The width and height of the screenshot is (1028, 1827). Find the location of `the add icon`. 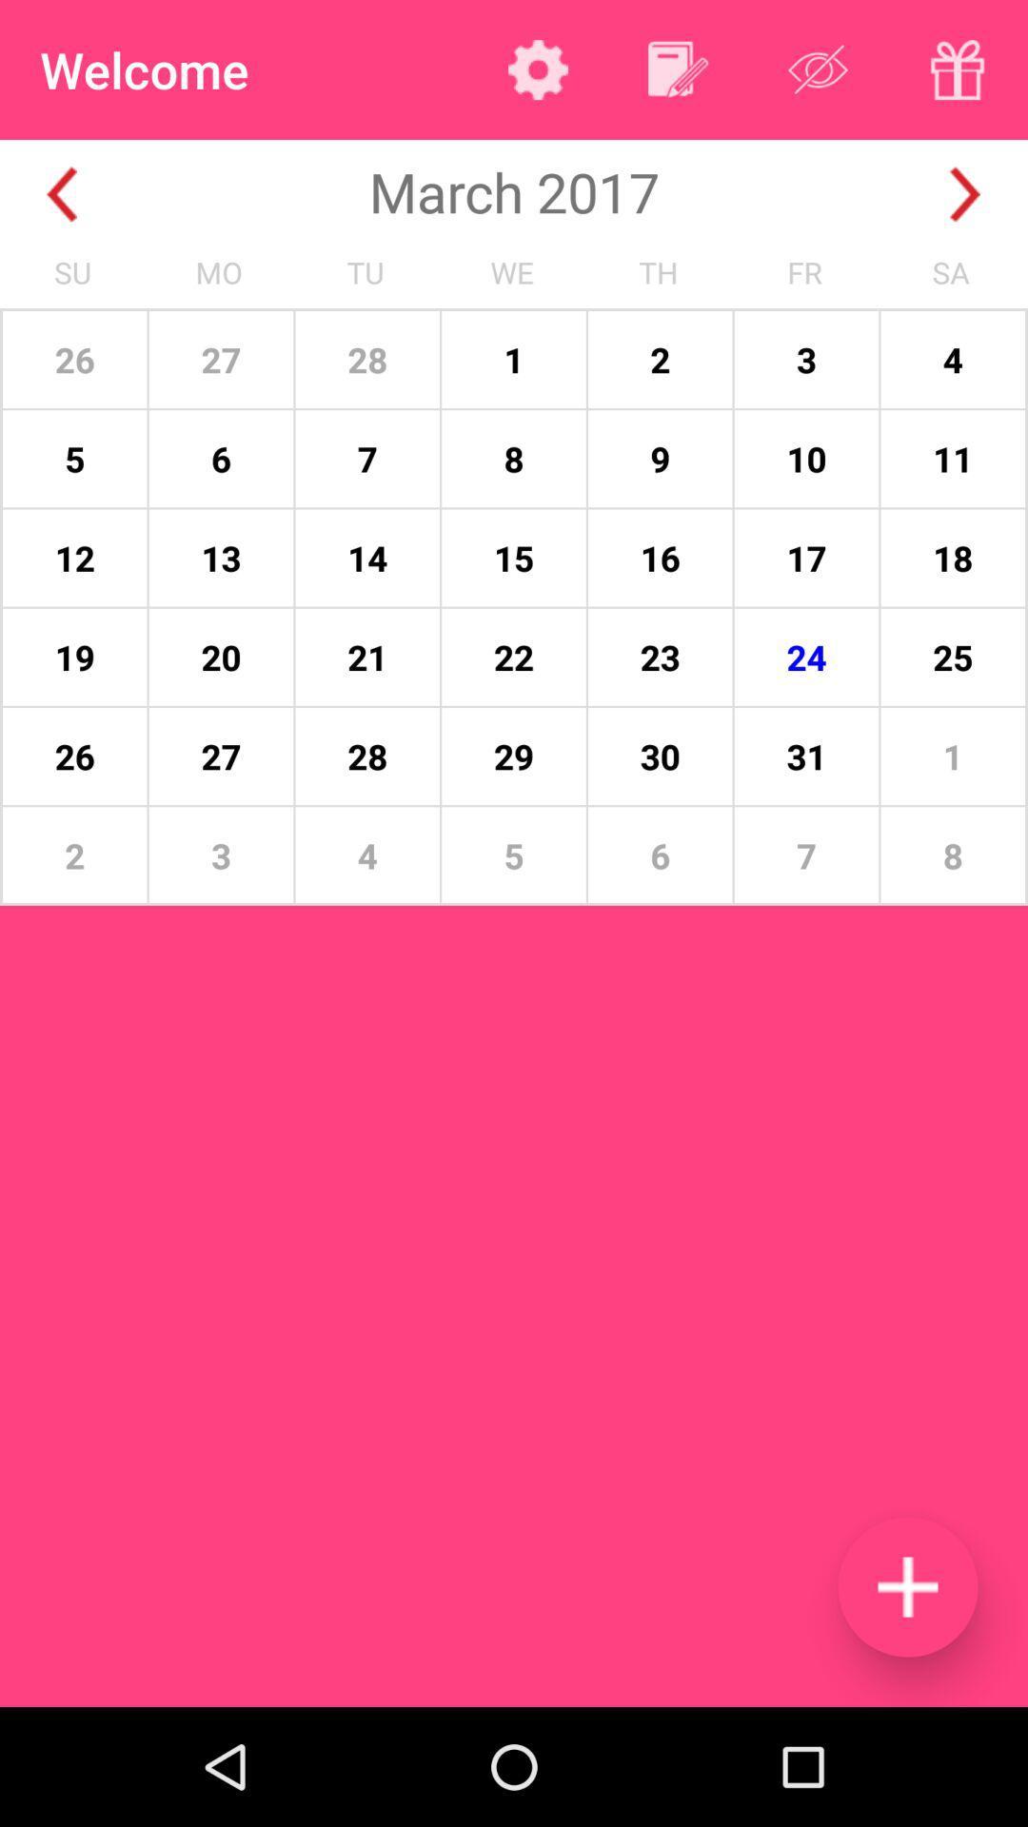

the add icon is located at coordinates (906, 1586).